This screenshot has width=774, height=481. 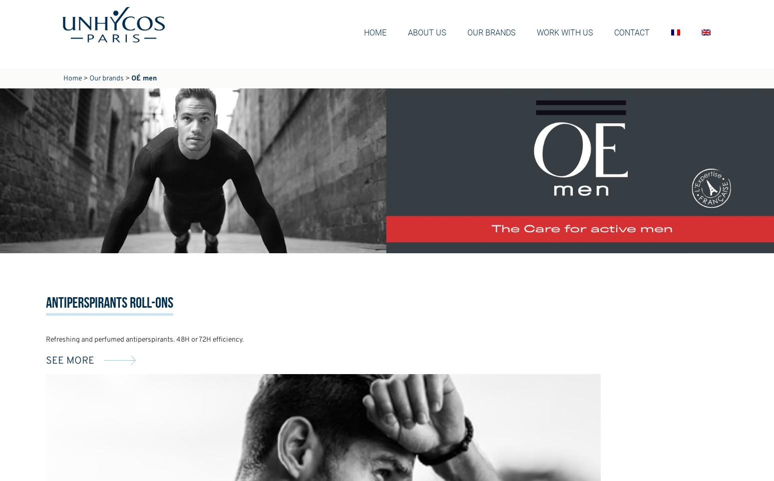 I want to click on 'Contact', so click(x=631, y=32).